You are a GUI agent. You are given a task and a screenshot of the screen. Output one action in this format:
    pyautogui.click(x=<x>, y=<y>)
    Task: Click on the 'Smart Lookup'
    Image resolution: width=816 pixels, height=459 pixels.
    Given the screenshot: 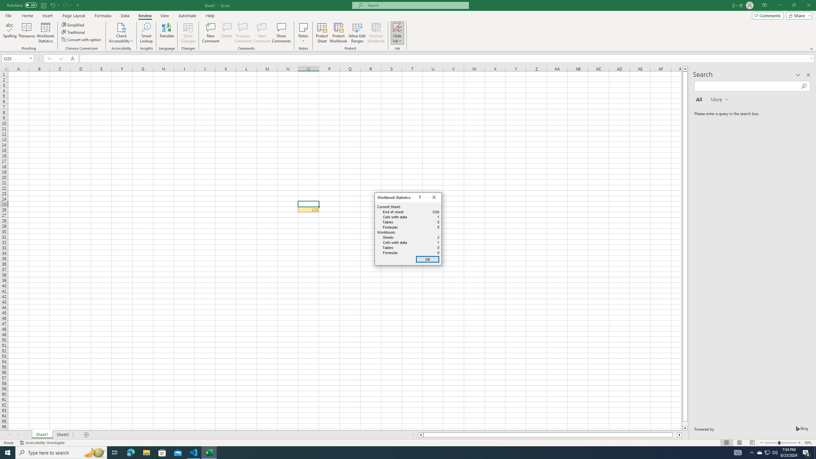 What is the action you would take?
    pyautogui.click(x=146, y=33)
    